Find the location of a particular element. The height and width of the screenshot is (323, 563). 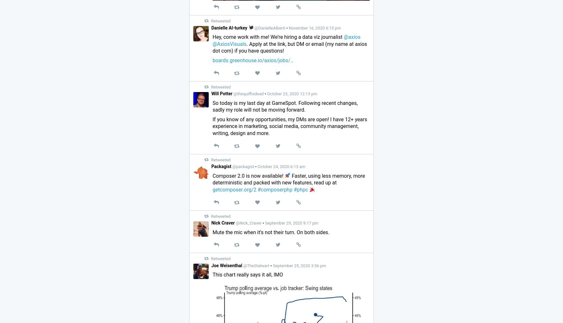

'@AxiosVisuals' is located at coordinates (229, 44).